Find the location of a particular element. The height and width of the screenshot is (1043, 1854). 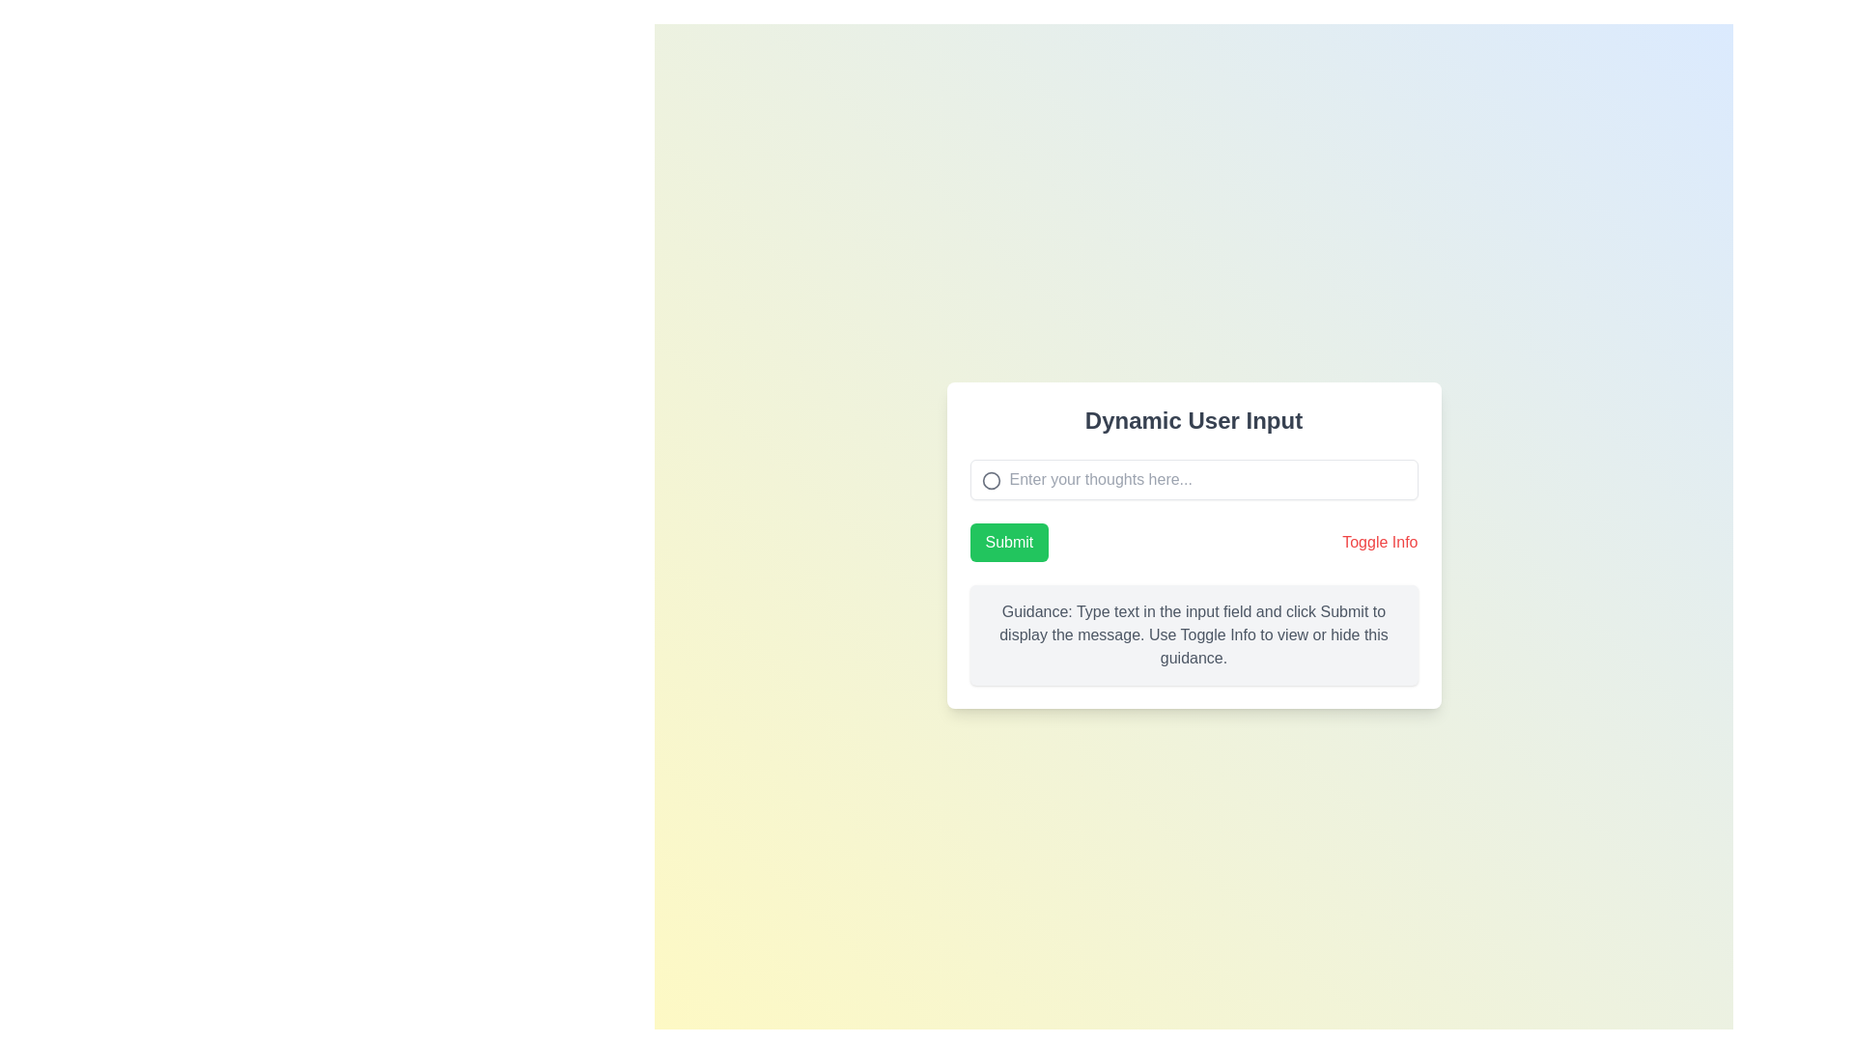

the decorative or functional icon positioned at the top-left corner of the input field labeled 'Enter your thoughts here...' is located at coordinates (991, 479).